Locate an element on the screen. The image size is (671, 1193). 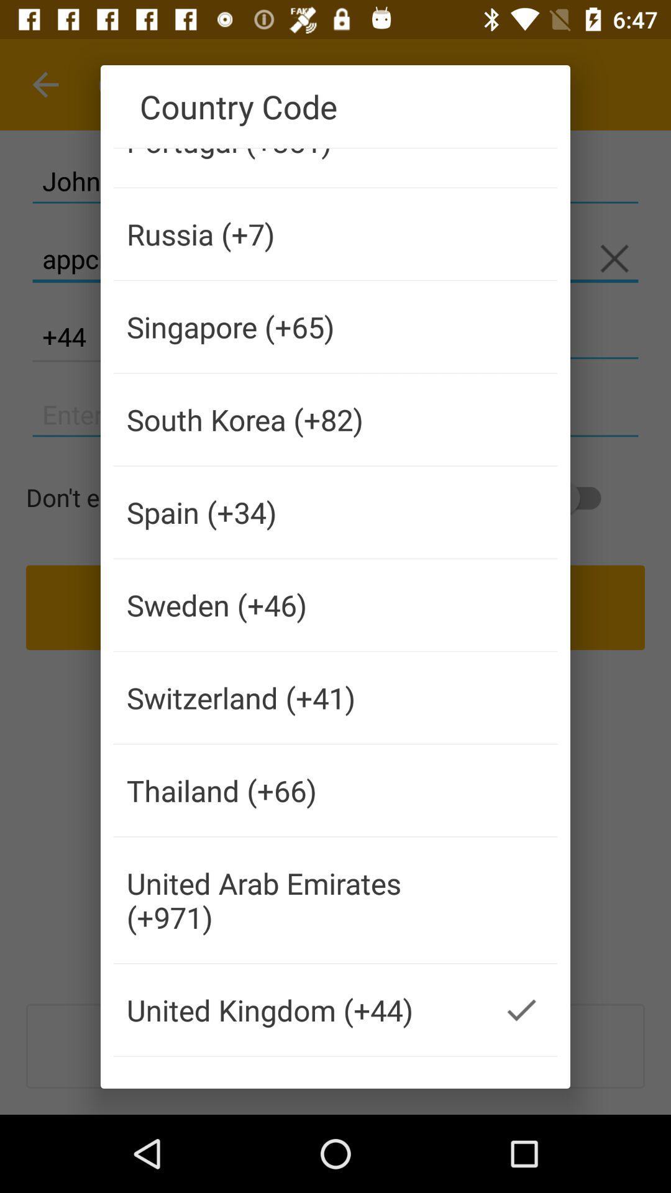
united arab emirates icon is located at coordinates (299, 900).